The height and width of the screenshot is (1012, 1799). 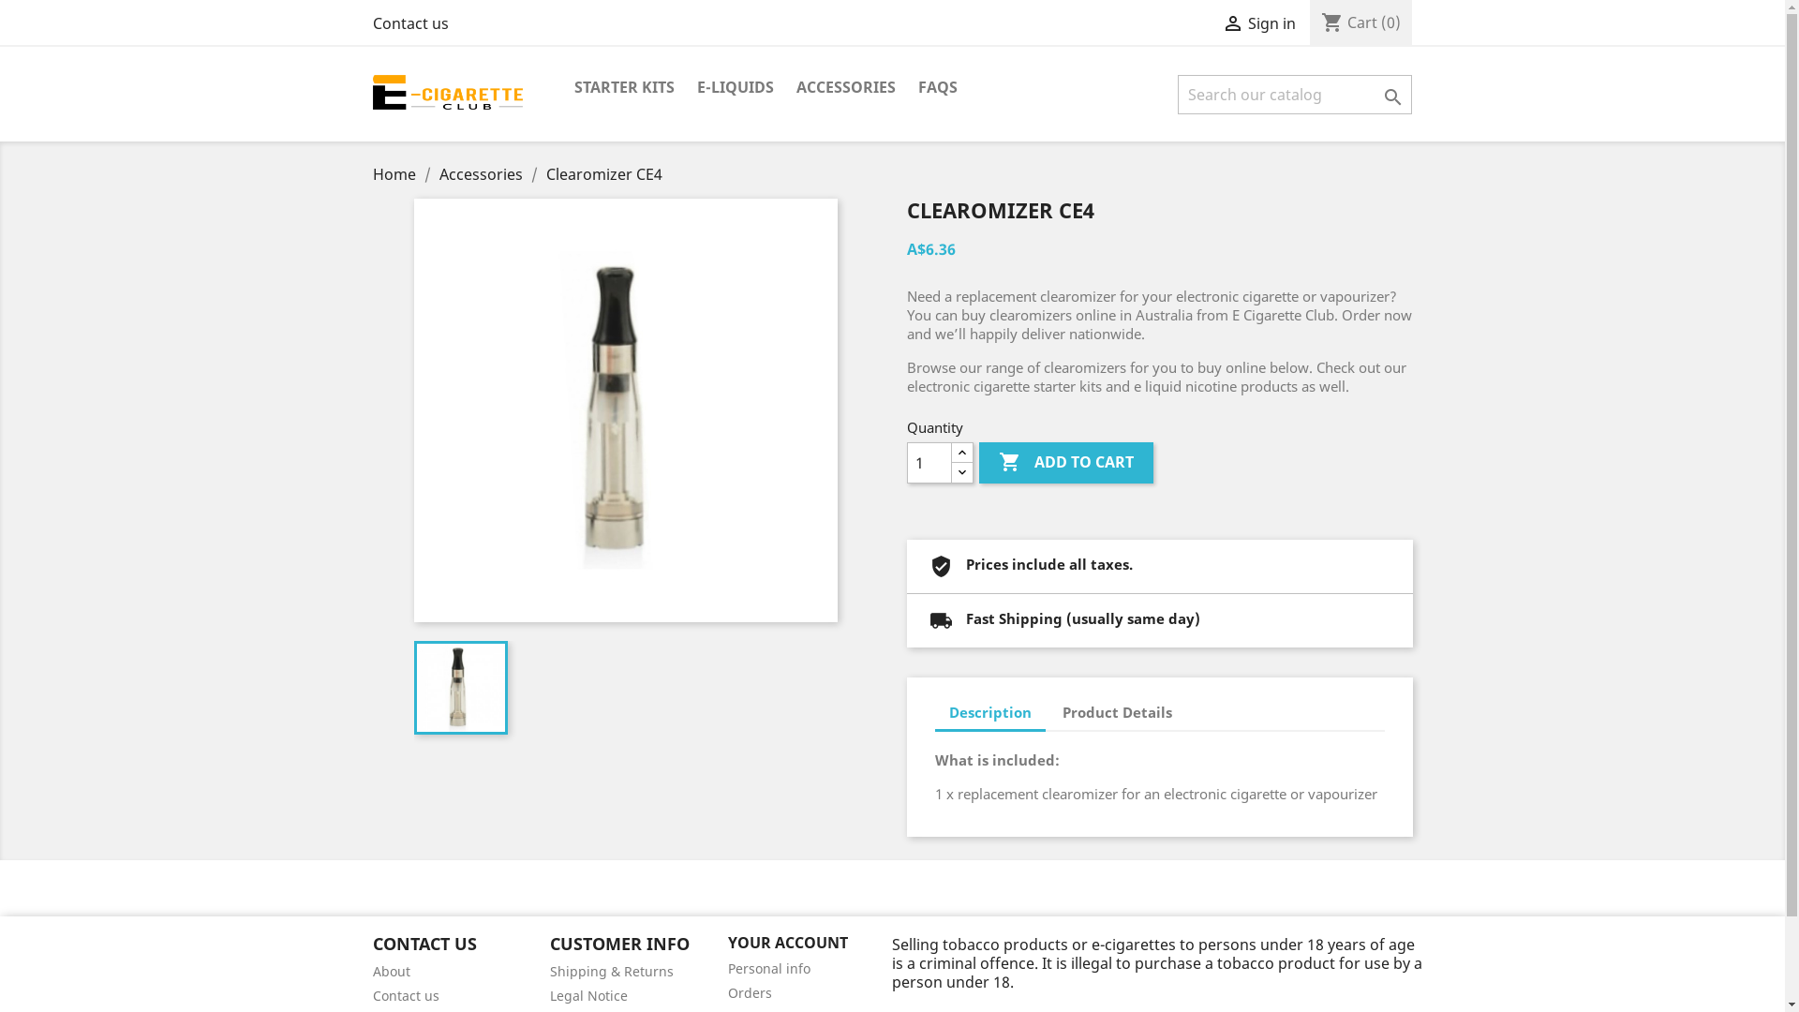 I want to click on 'STARTER KITS', so click(x=562, y=88).